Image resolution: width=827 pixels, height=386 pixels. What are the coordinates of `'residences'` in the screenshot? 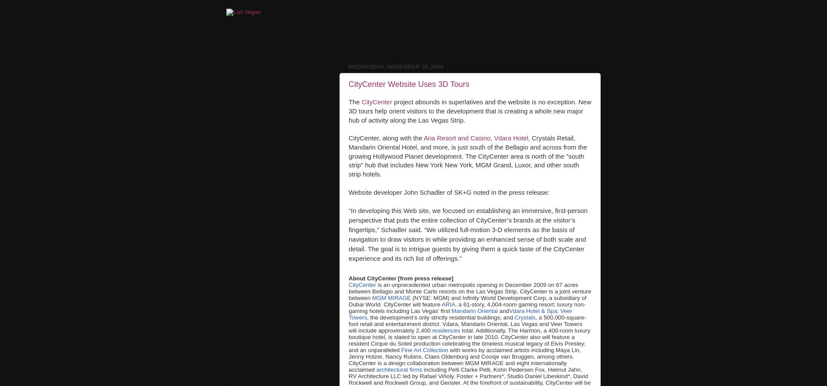 It's located at (446, 330).